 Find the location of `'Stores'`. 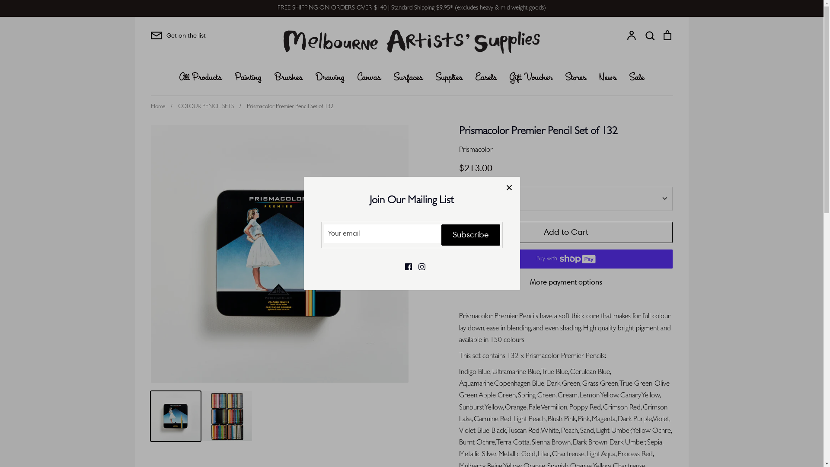

'Stores' is located at coordinates (576, 78).